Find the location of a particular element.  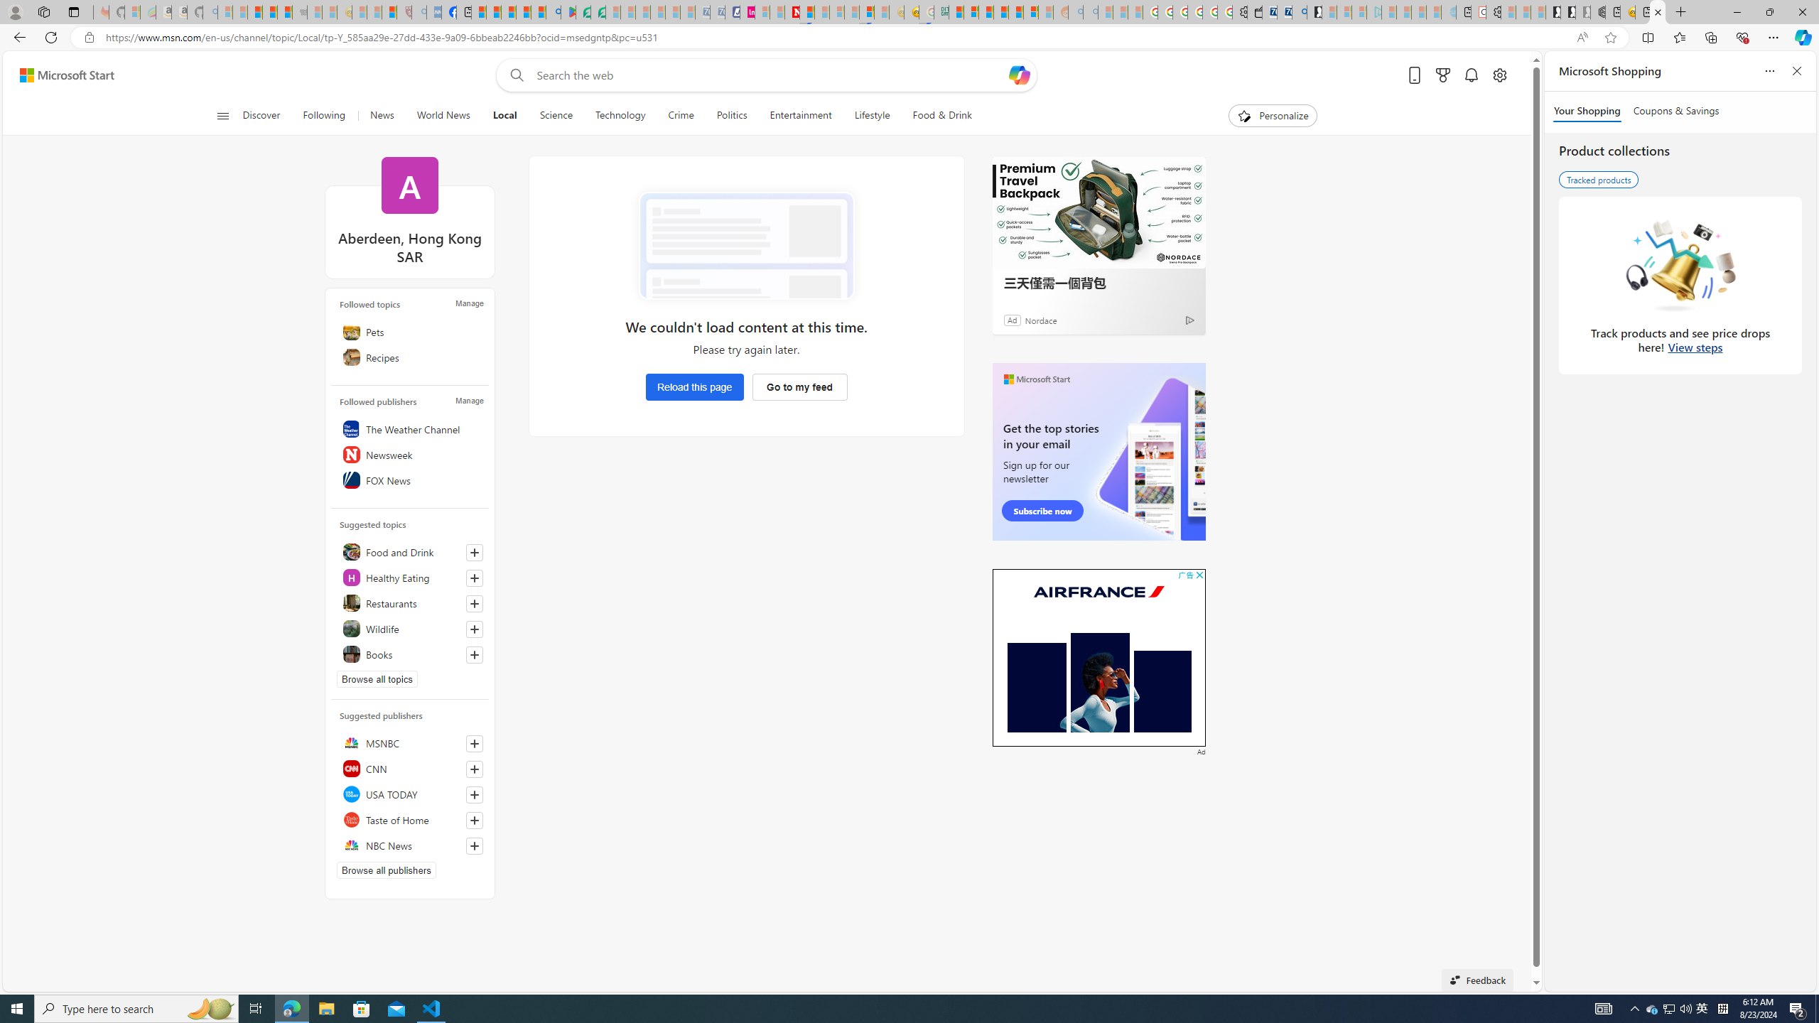

'NBC News' is located at coordinates (409, 845).